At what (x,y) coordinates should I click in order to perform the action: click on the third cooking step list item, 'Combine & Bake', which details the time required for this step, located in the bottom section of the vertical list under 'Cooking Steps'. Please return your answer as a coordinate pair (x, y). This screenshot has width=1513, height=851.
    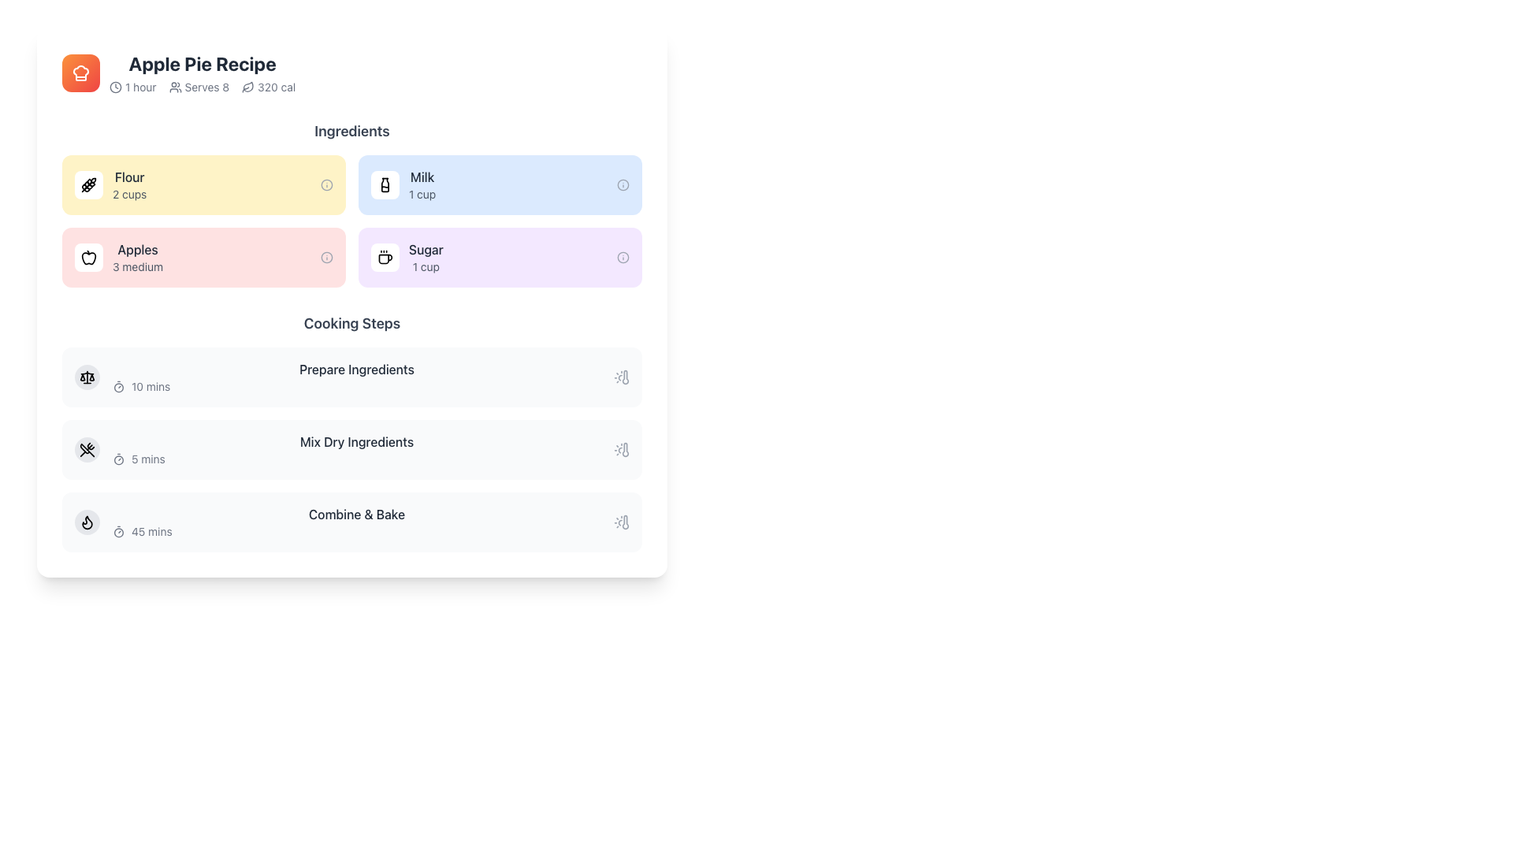
    Looking at the image, I should click on (351, 522).